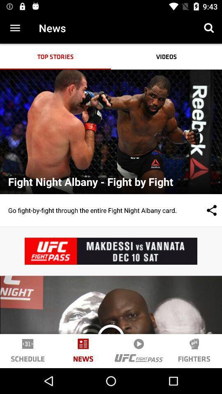 The image size is (222, 394). Describe the element at coordinates (203, 210) in the screenshot. I see `share icon` at that location.